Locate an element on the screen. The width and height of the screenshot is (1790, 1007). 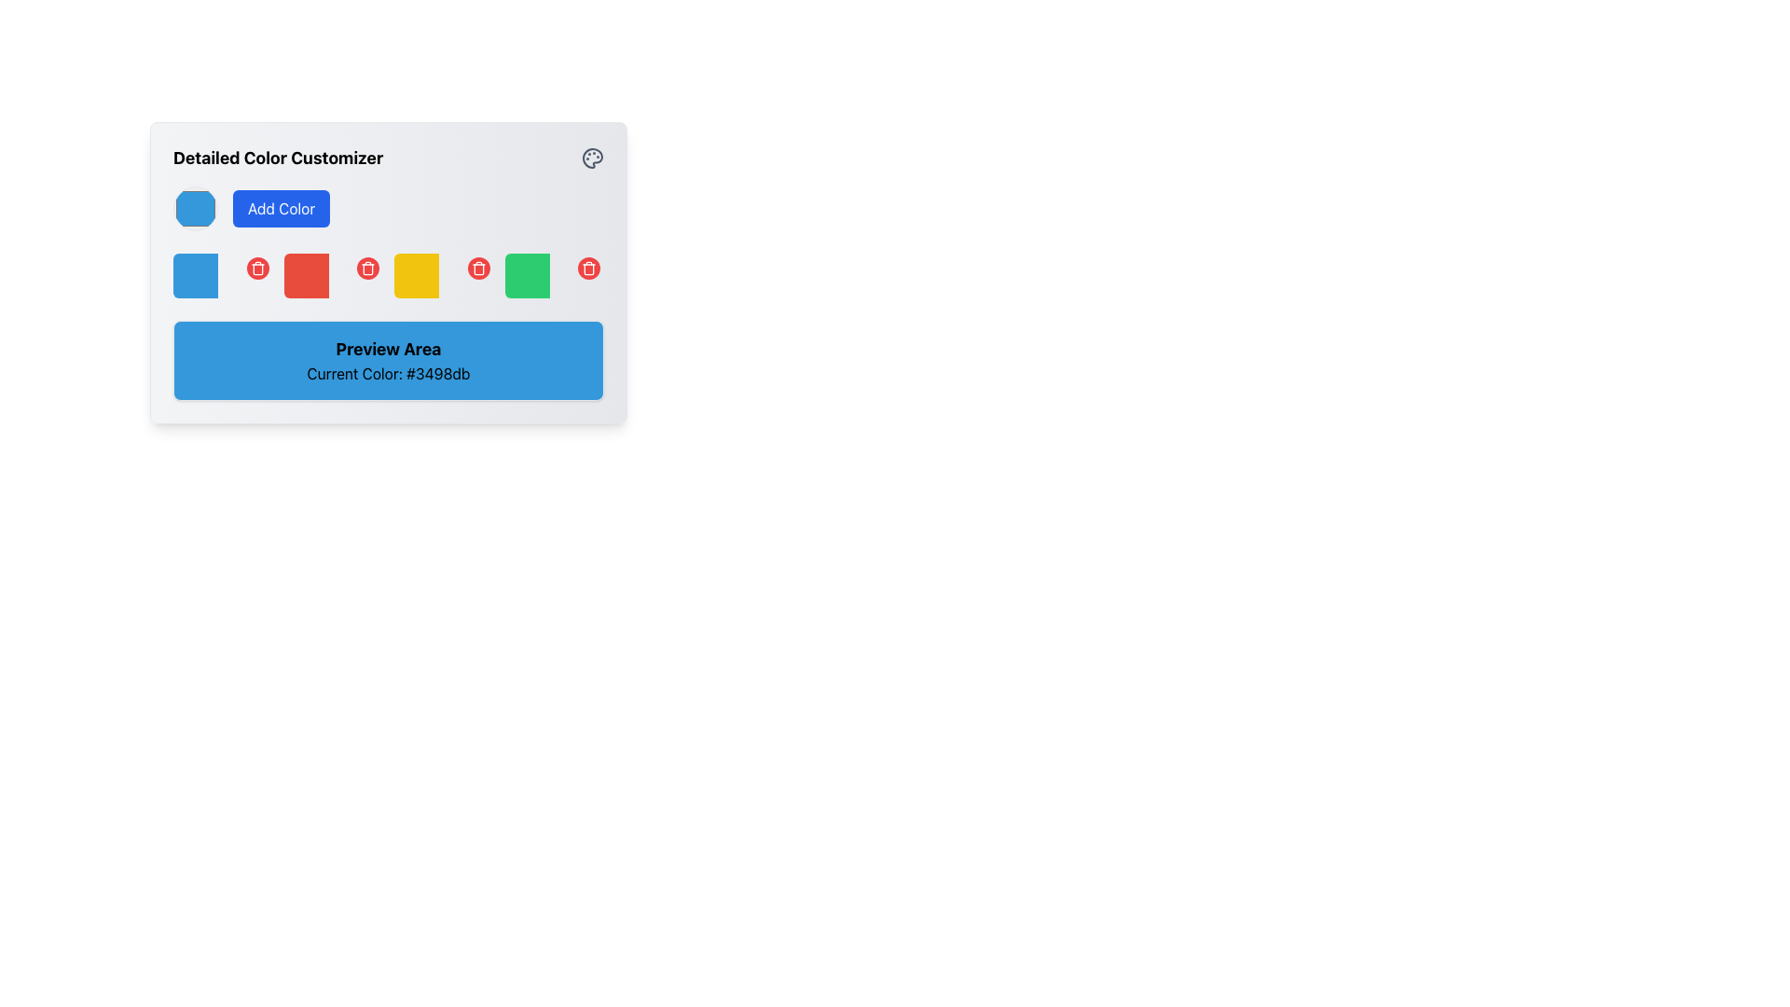
the delete button located to the right of the green color box is located at coordinates (588, 269).